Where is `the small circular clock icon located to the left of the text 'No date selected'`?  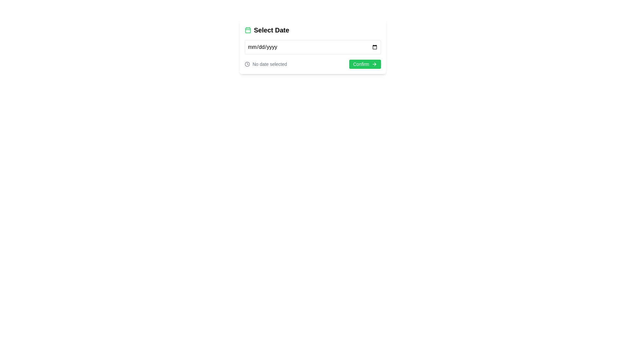
the small circular clock icon located to the left of the text 'No date selected' is located at coordinates (247, 64).